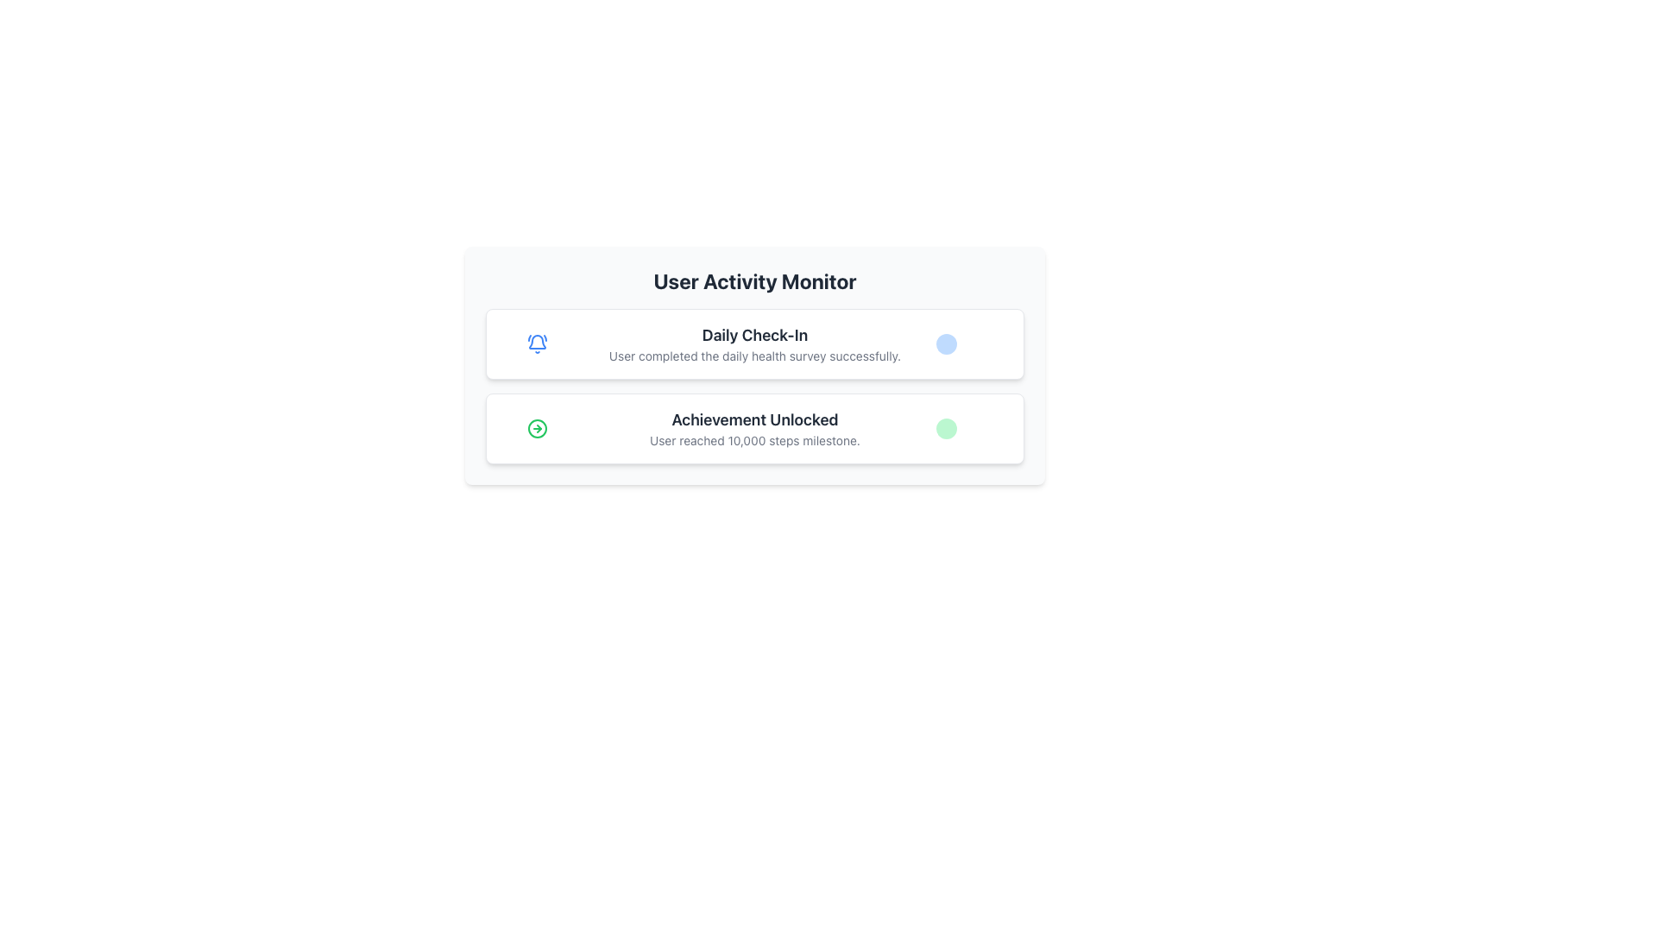 This screenshot has width=1657, height=932. Describe the element at coordinates (754, 439) in the screenshot. I see `the text label that states 'User reached 10,000 steps milestone.' located within the card beneath the 'Achievement Unlocked' heading` at that location.